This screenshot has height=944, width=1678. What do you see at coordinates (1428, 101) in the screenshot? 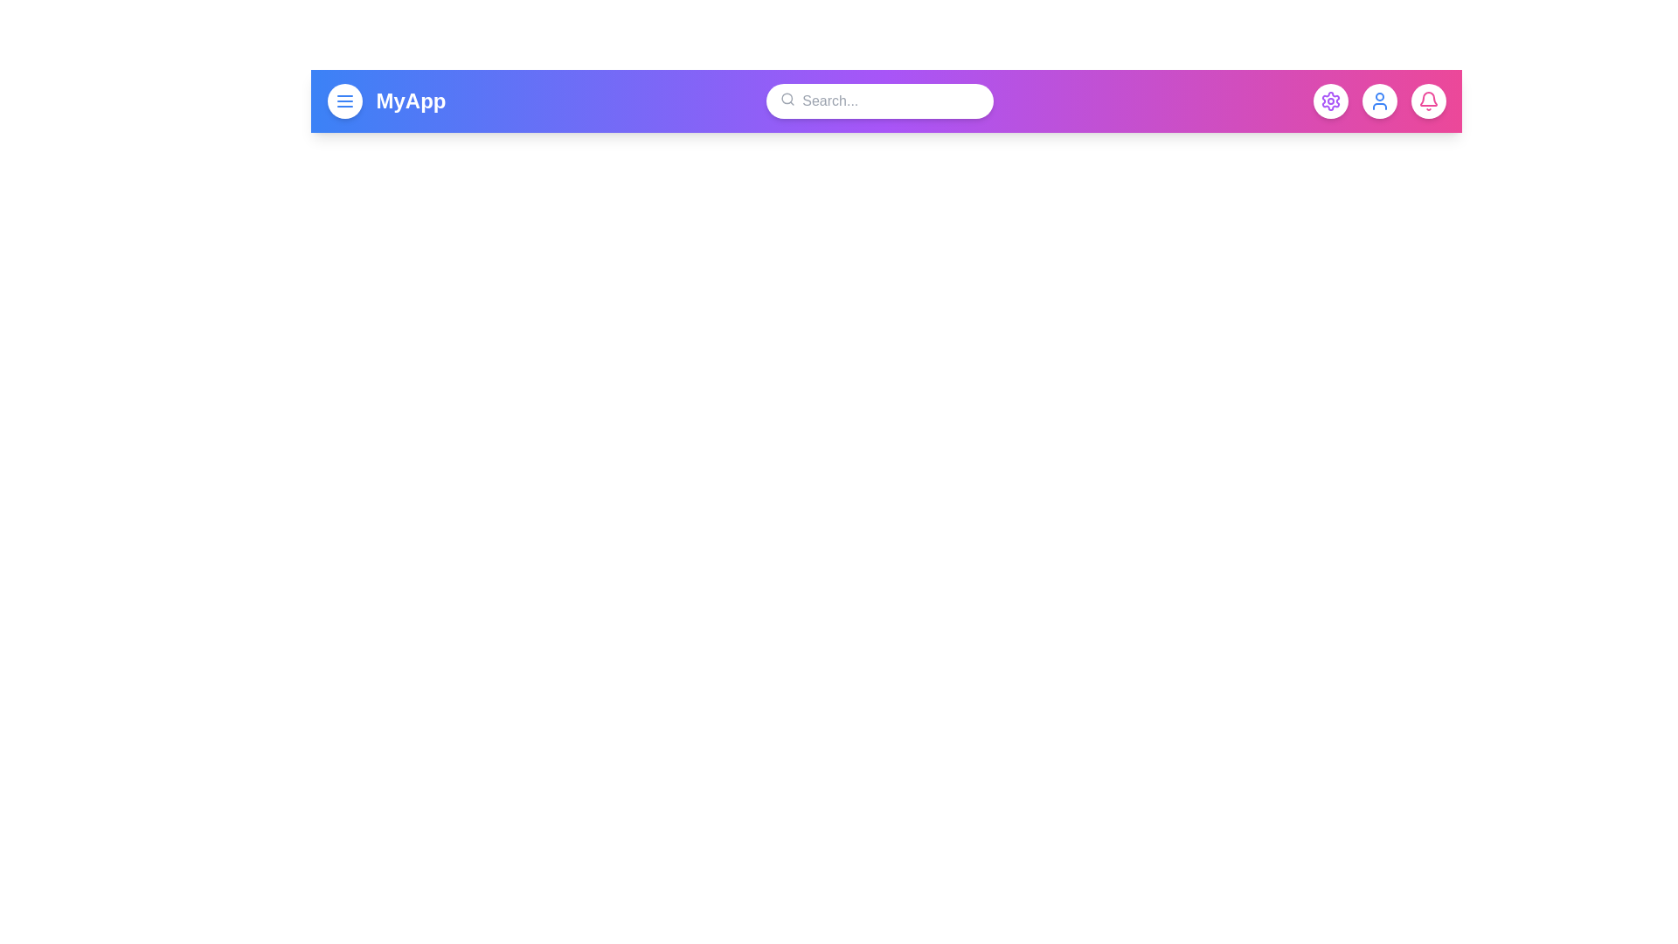
I see `the bell button to check notifications` at bounding box center [1428, 101].